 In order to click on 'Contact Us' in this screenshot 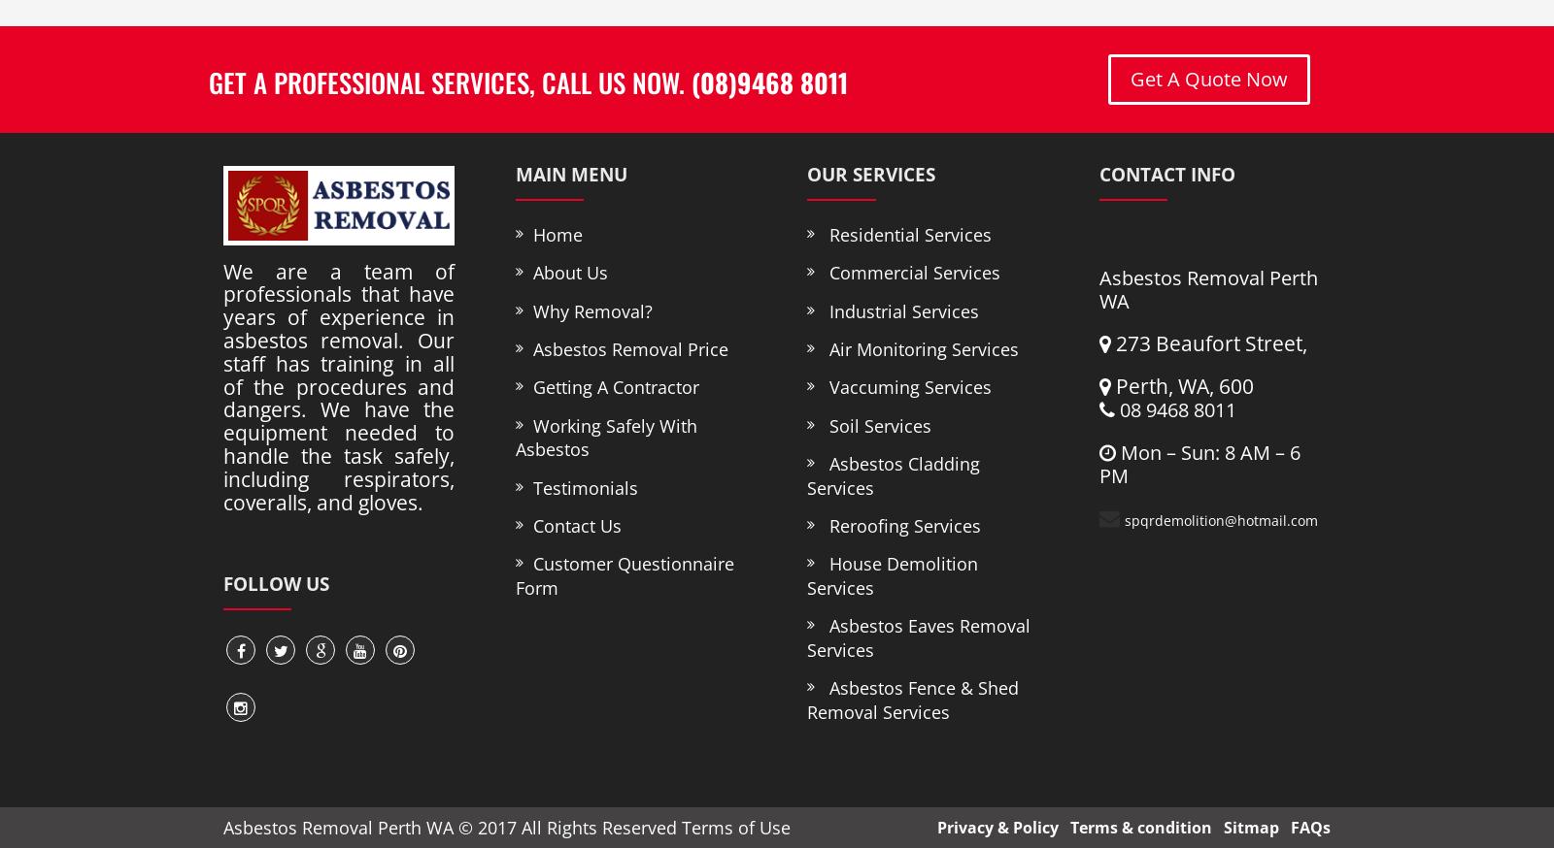, I will do `click(570, 525)`.